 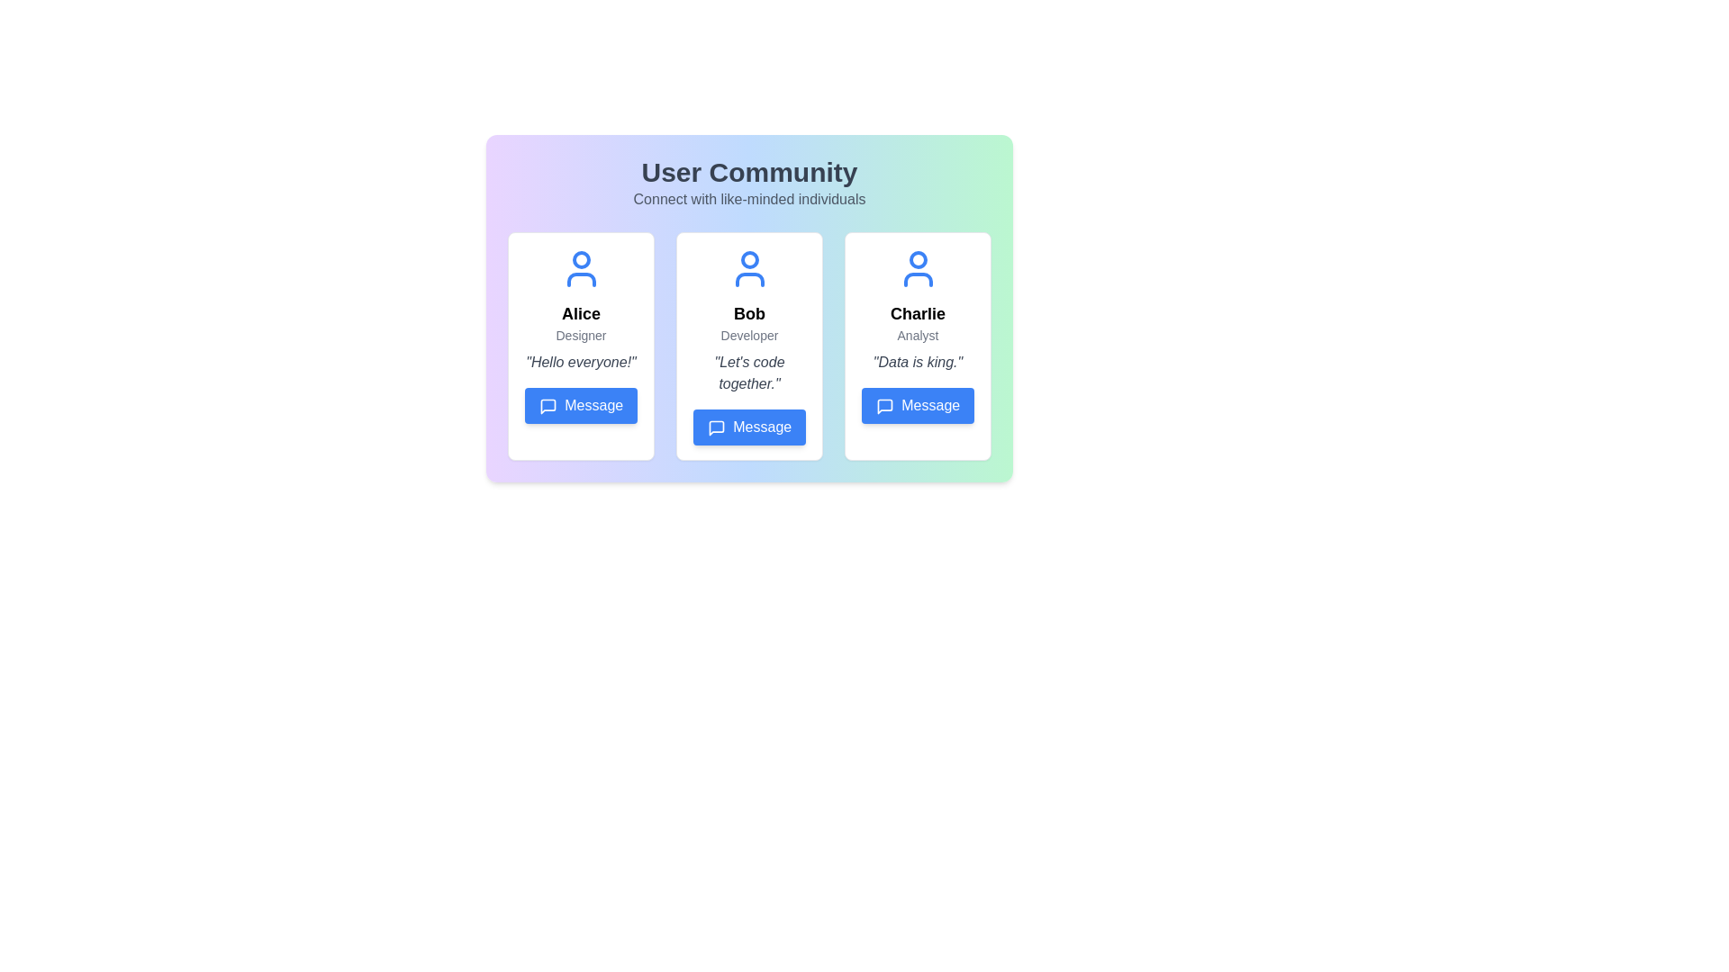 I want to click on the text label styled in gray color and small font size that reads 'Analyst', positioned below the name 'Charlie' in the user card, so click(x=918, y=336).